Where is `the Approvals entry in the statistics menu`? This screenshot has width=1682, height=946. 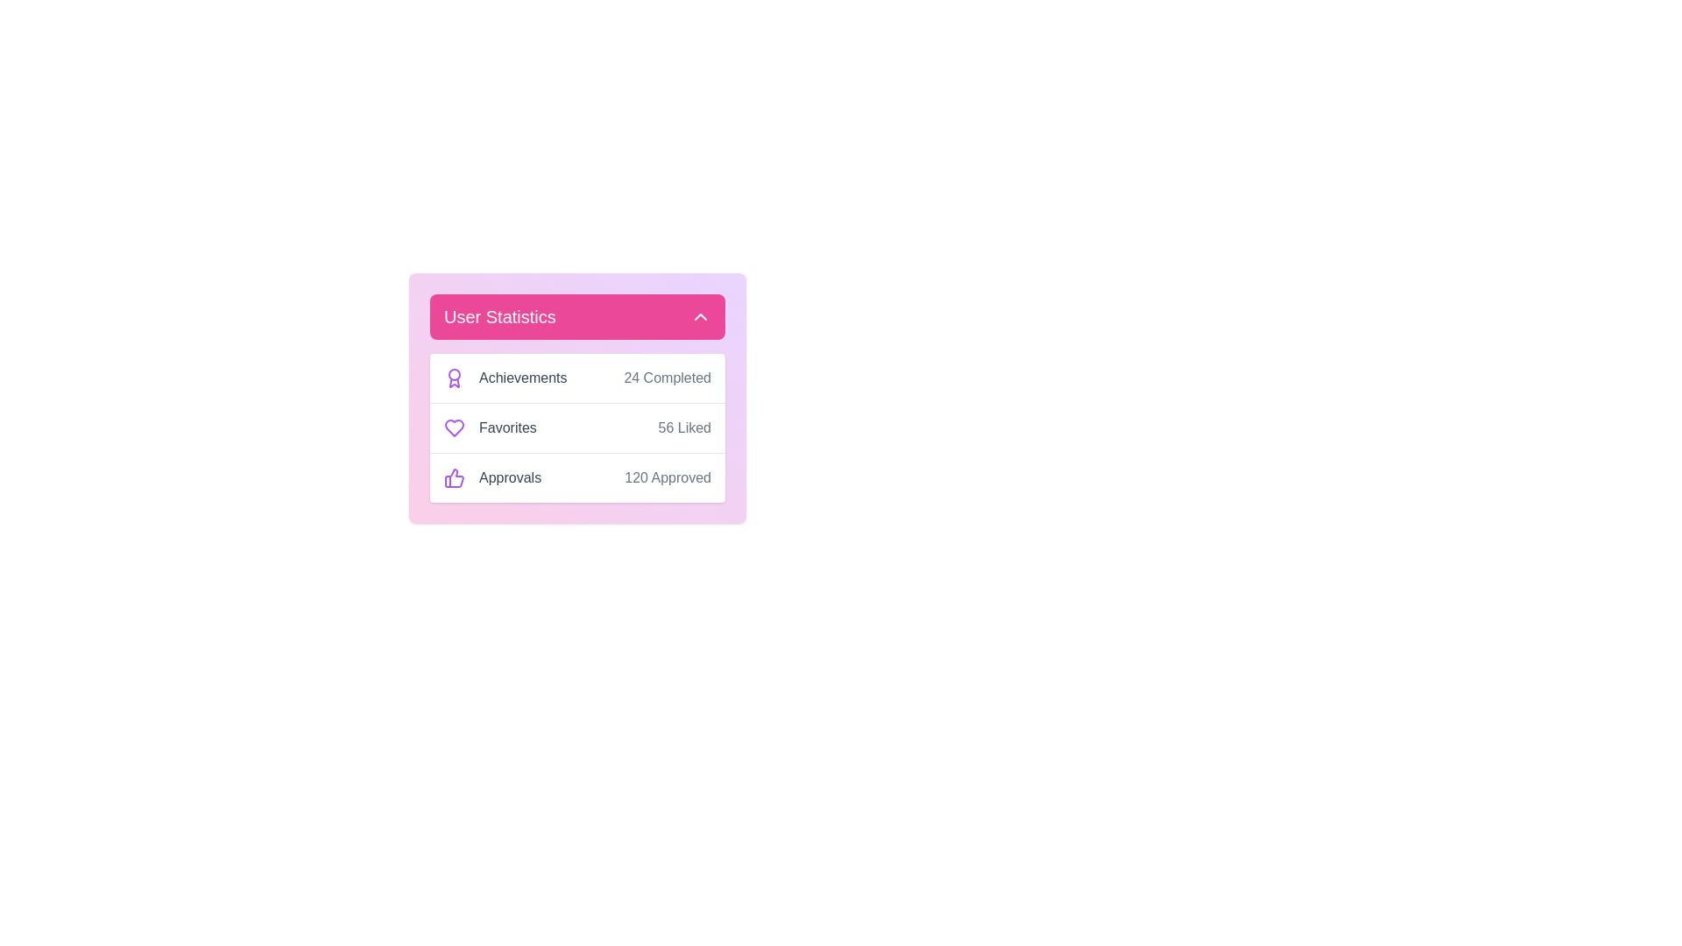
the Approvals entry in the statistics menu is located at coordinates (577, 477).